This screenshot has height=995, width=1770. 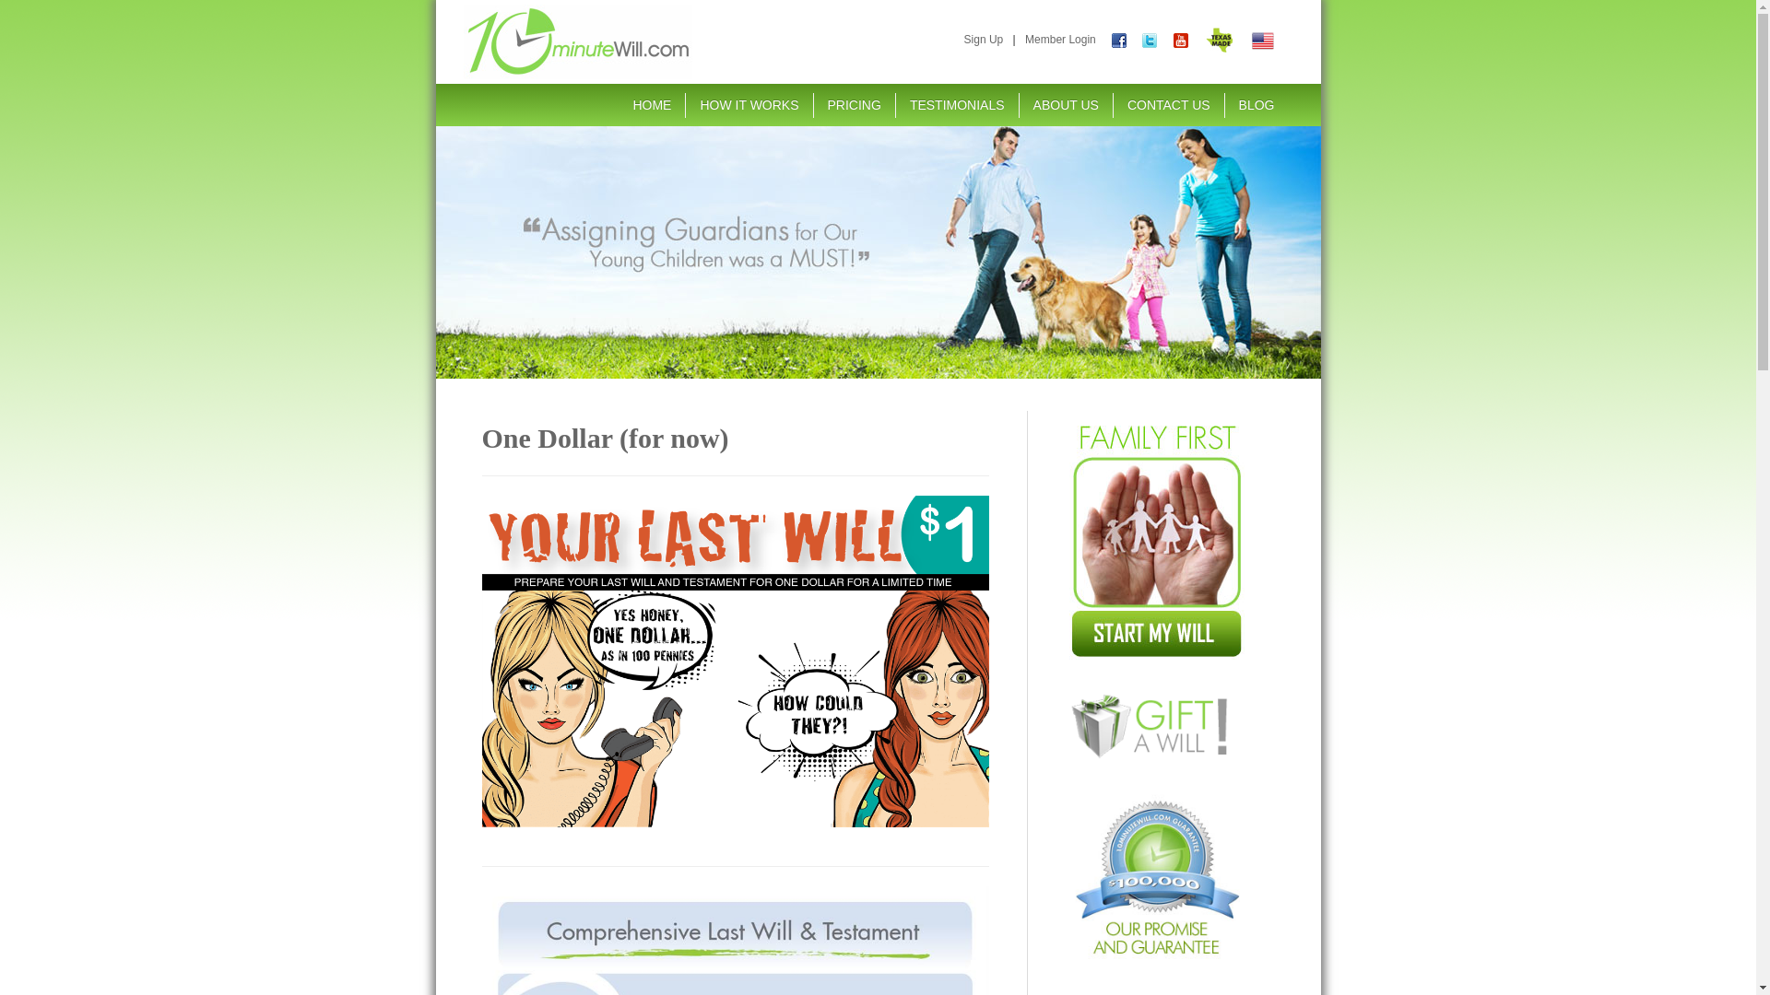 What do you see at coordinates (1060, 39) in the screenshot?
I see `'Member Login'` at bounding box center [1060, 39].